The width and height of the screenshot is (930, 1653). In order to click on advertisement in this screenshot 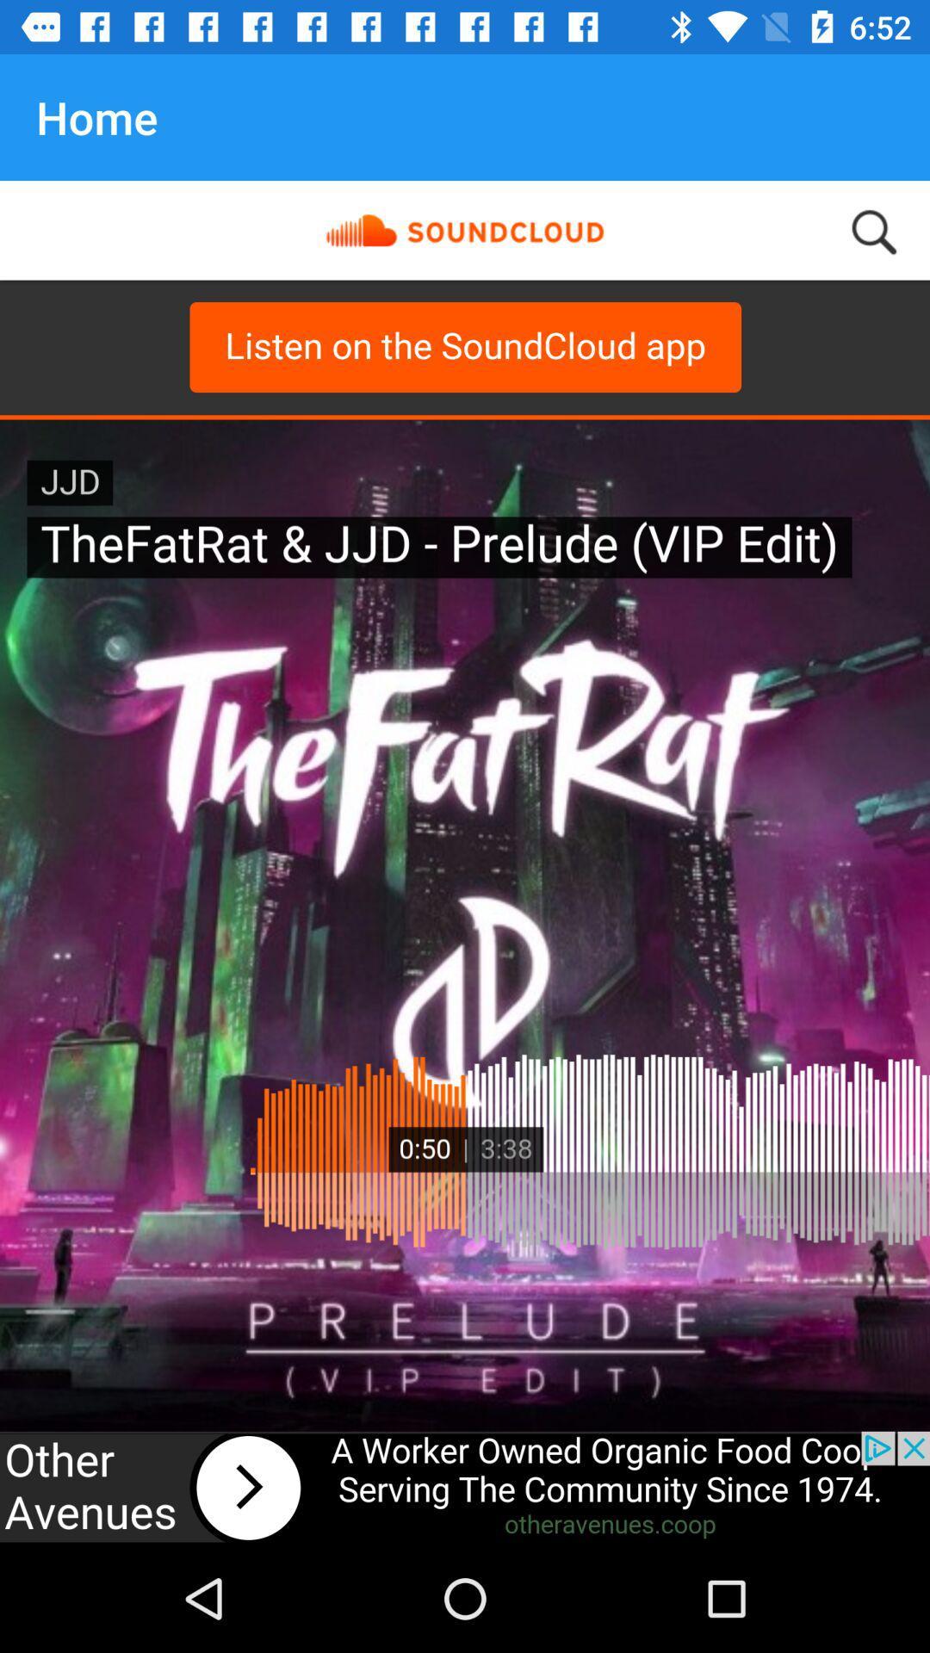, I will do `click(465, 1487)`.